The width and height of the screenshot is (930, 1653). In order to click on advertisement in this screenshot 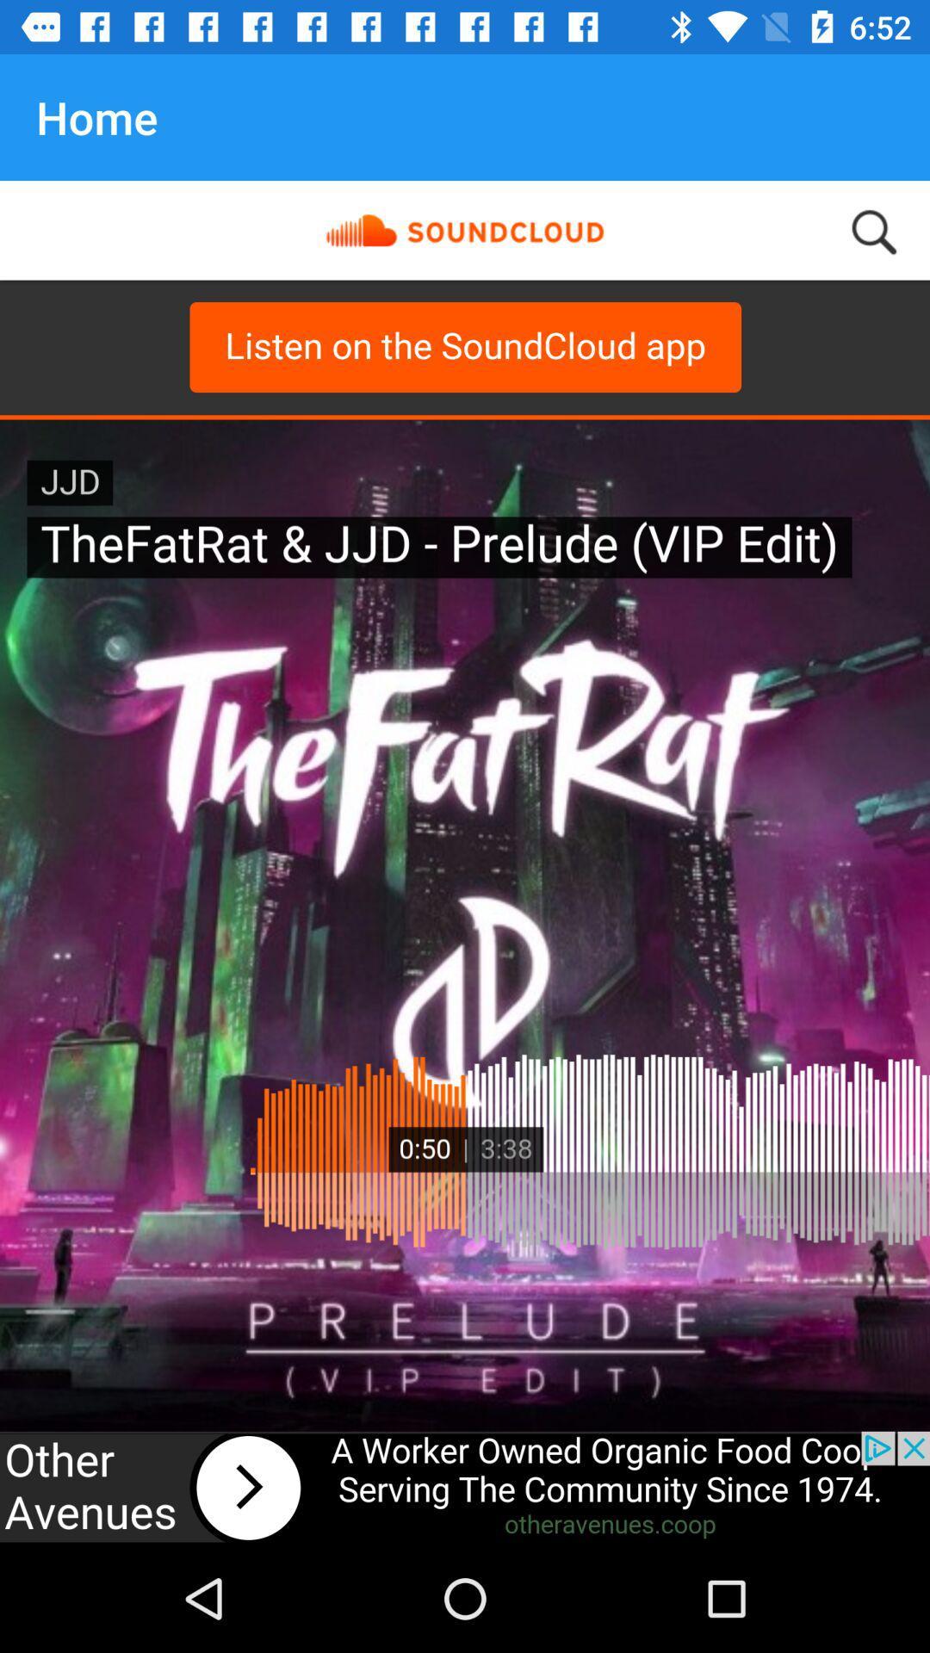, I will do `click(465, 1487)`.